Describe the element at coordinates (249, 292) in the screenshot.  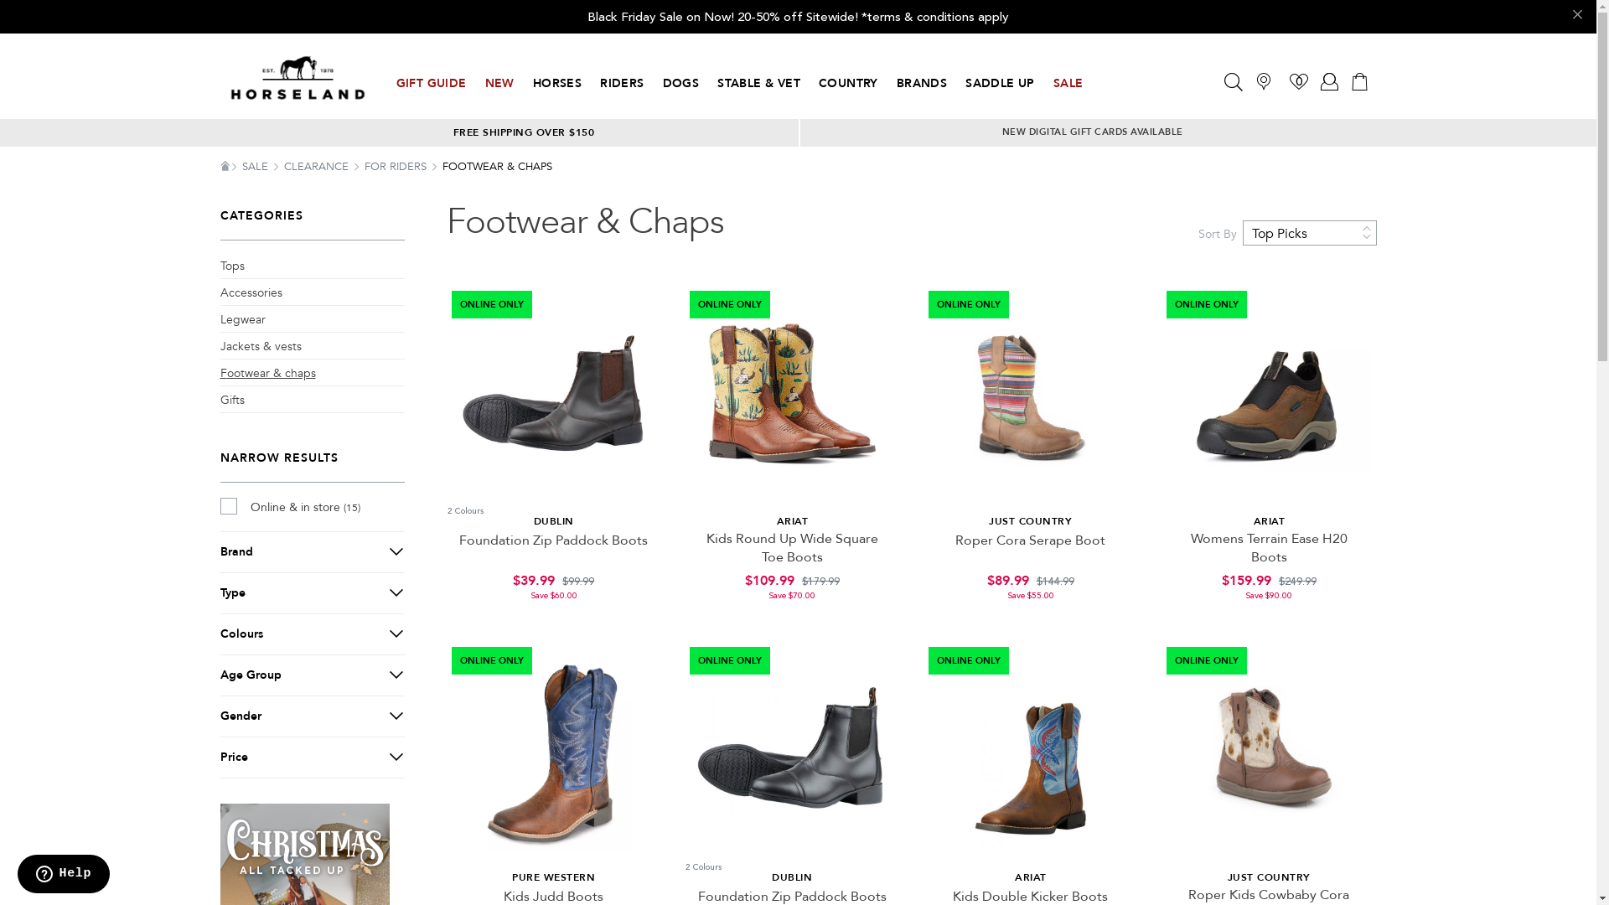
I see `'Accessories'` at that location.